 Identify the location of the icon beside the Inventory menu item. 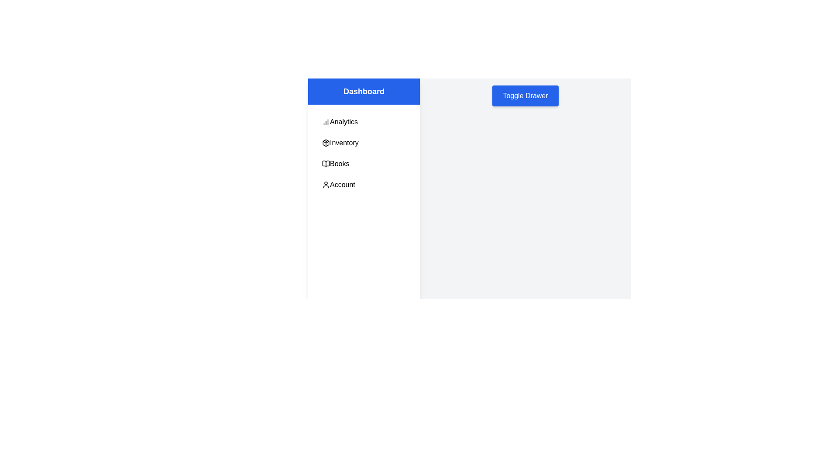
(326, 142).